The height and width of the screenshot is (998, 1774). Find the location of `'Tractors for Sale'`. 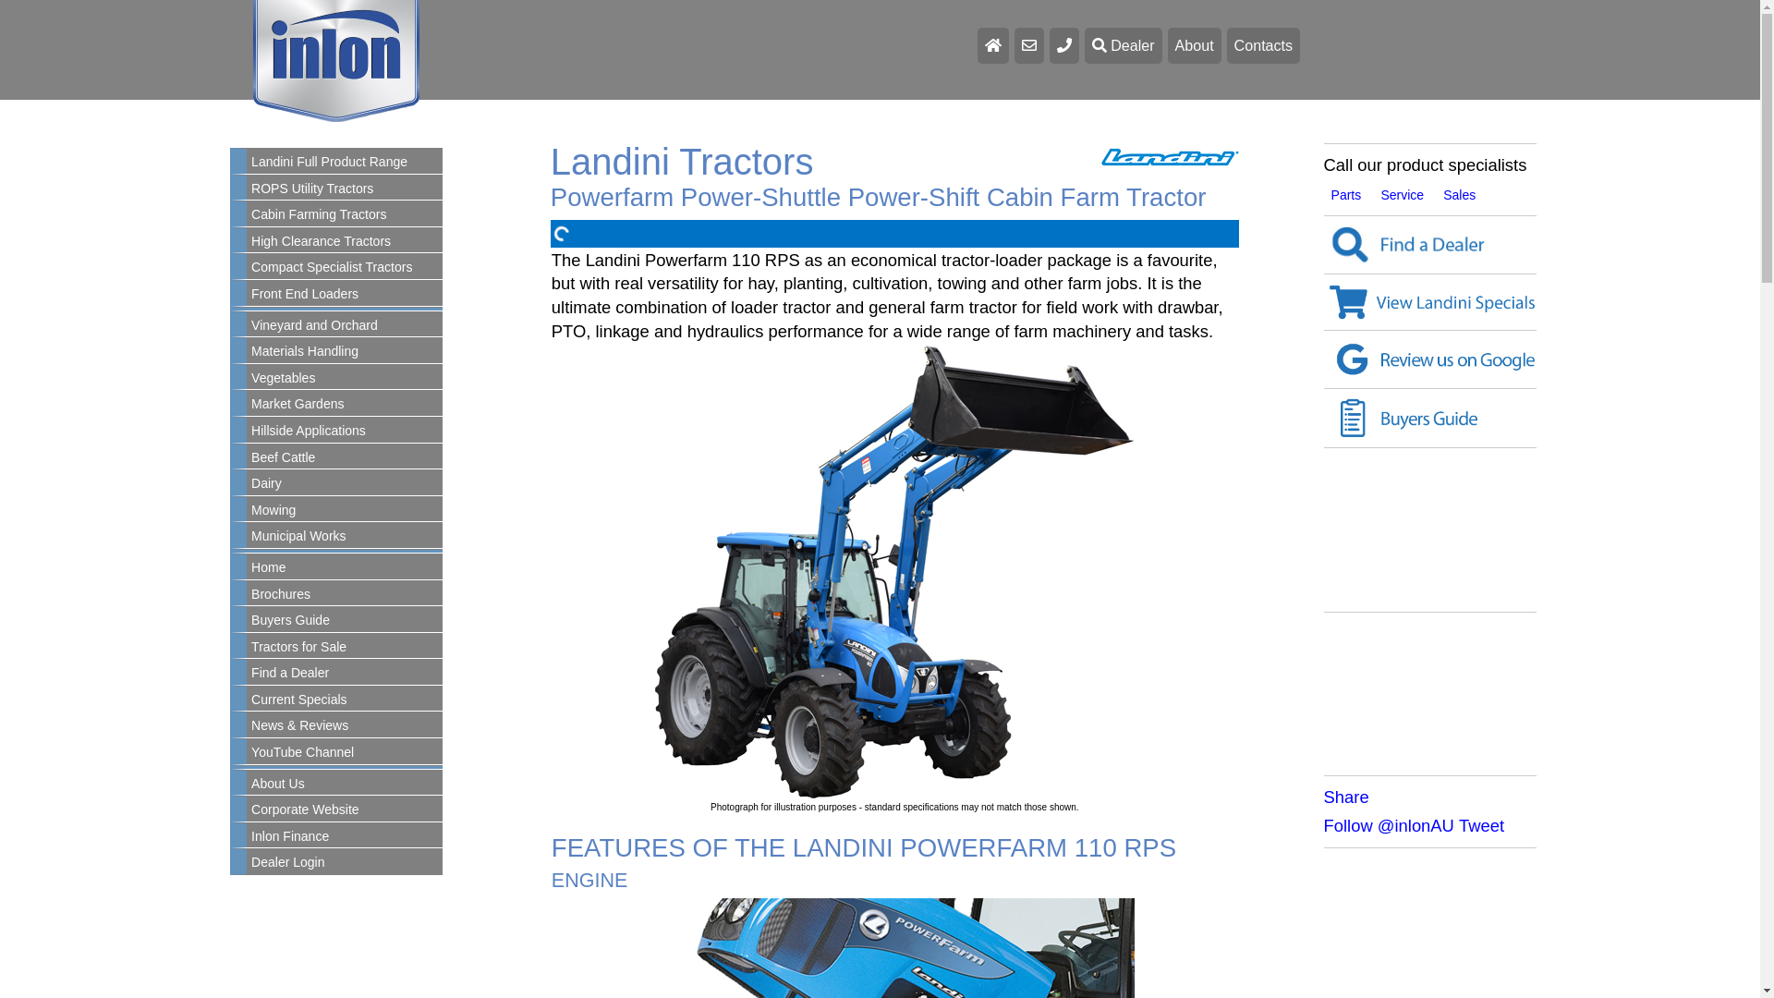

'Tractors for Sale' is located at coordinates (345, 647).